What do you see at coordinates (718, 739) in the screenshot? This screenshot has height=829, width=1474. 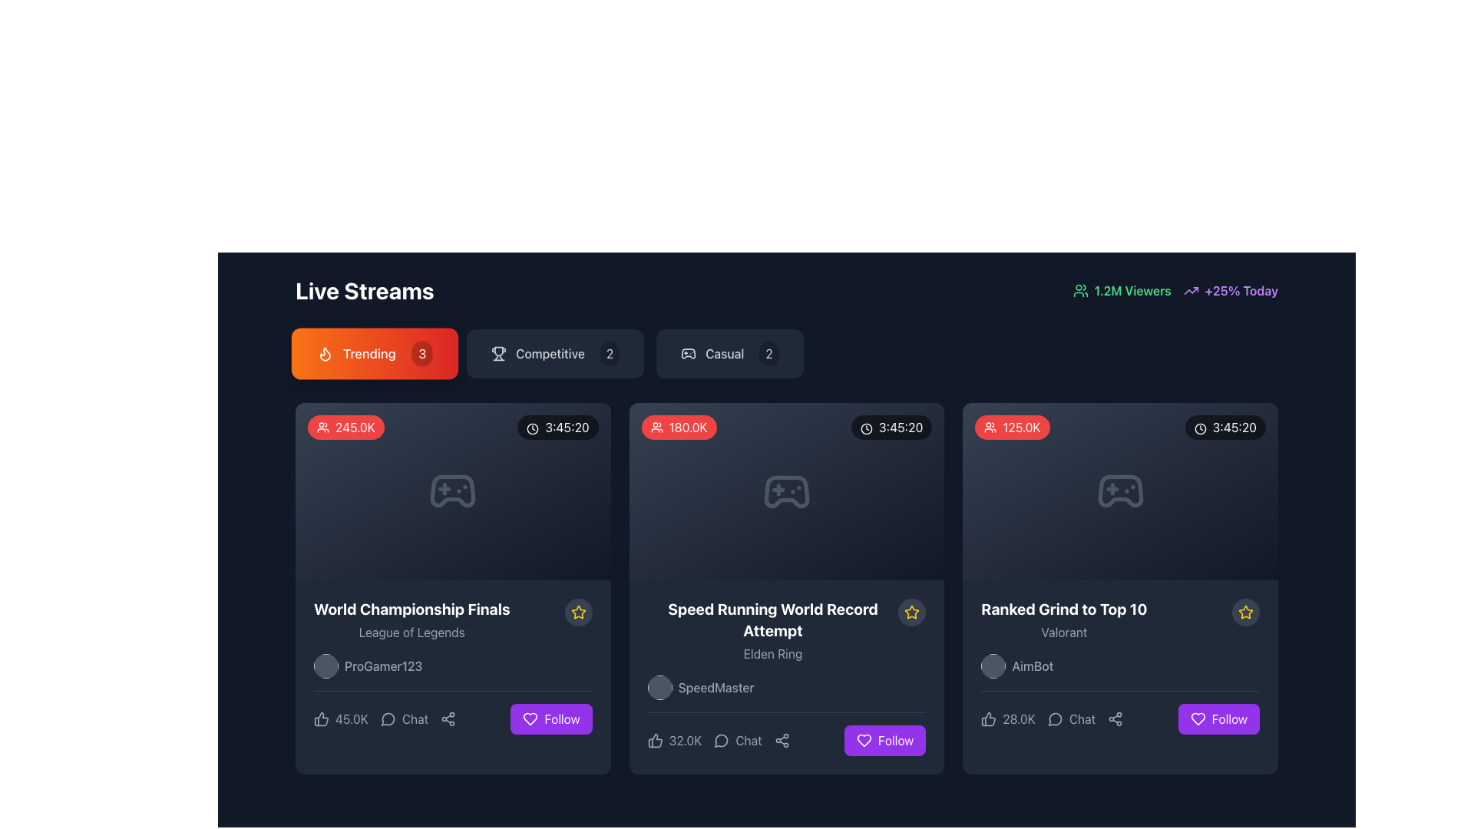 I see `the 'Chat' button that displays '32.0K' next to a speech bubble icon` at bounding box center [718, 739].